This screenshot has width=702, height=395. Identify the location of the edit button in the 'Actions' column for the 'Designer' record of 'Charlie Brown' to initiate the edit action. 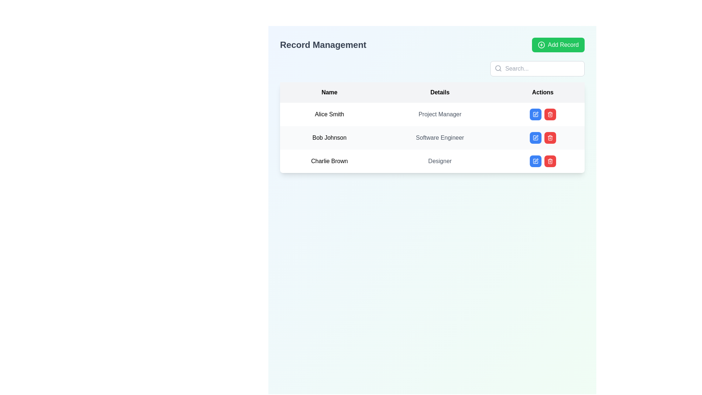
(535, 161).